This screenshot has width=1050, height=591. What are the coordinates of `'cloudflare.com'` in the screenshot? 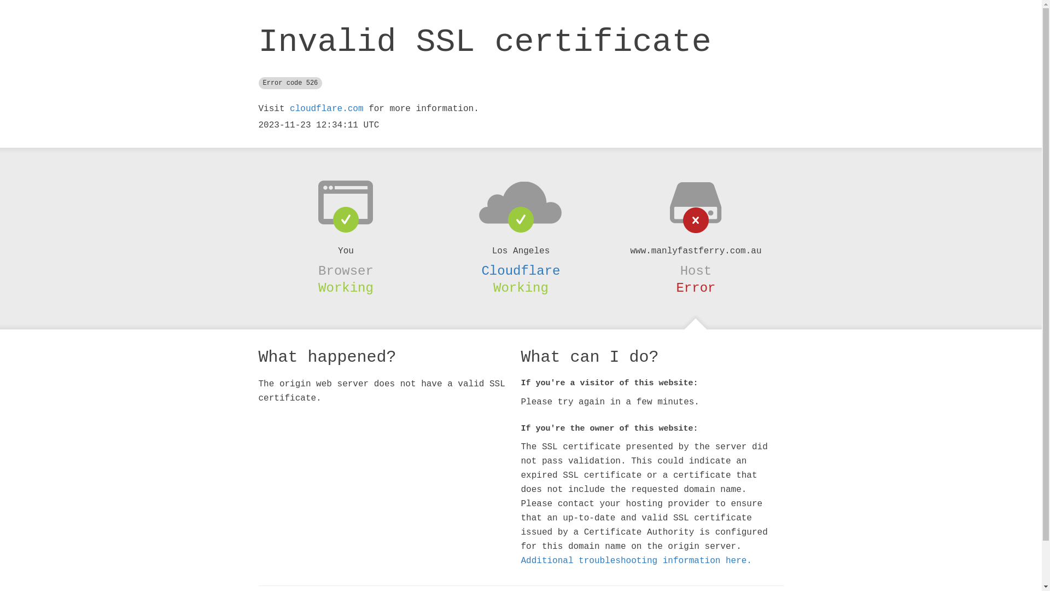 It's located at (325, 109).